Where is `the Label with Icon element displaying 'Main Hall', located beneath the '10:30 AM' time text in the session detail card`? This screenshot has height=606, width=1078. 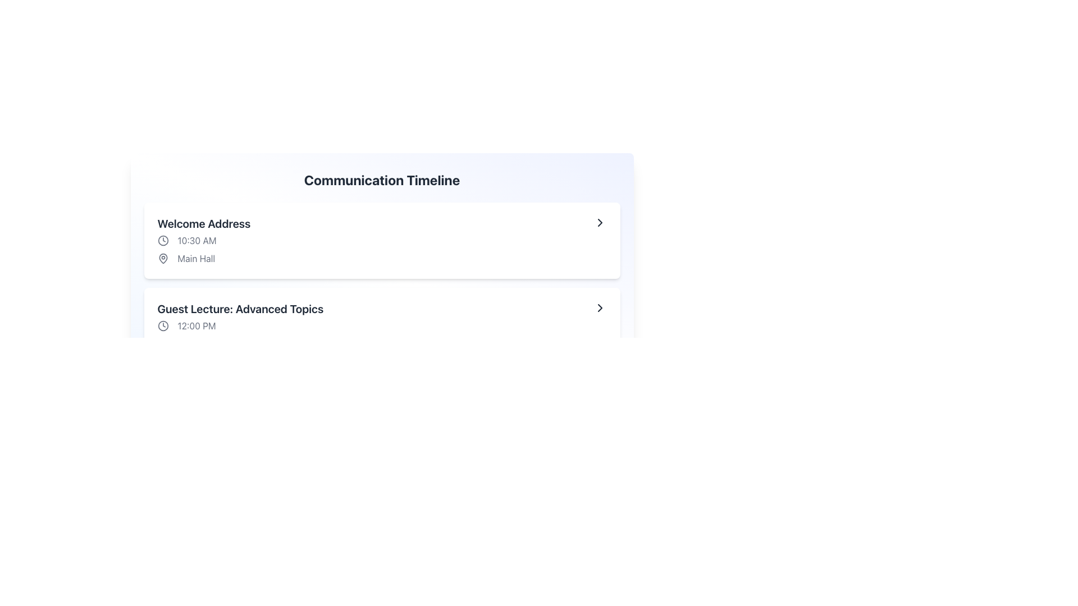 the Label with Icon element displaying 'Main Hall', located beneath the '10:30 AM' time text in the session detail card is located at coordinates (204, 259).